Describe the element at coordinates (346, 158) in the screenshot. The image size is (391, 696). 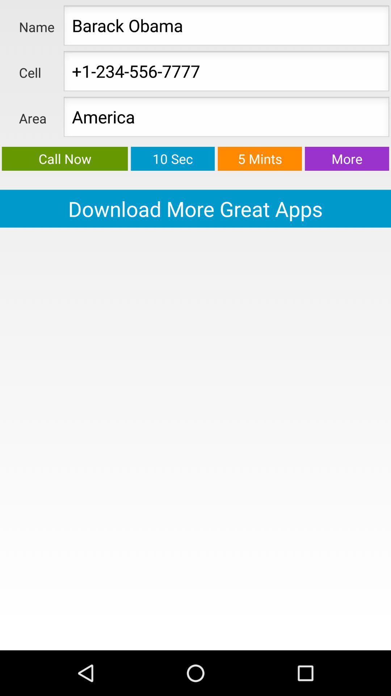
I see `more button` at that location.